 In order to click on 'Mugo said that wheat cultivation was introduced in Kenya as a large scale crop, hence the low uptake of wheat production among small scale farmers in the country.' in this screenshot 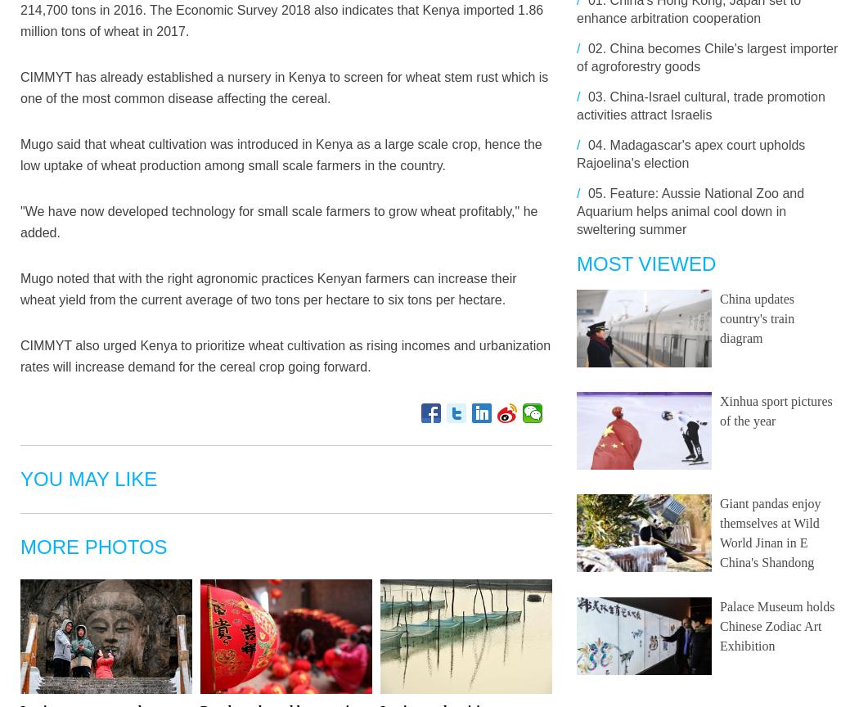, I will do `click(20, 154)`.